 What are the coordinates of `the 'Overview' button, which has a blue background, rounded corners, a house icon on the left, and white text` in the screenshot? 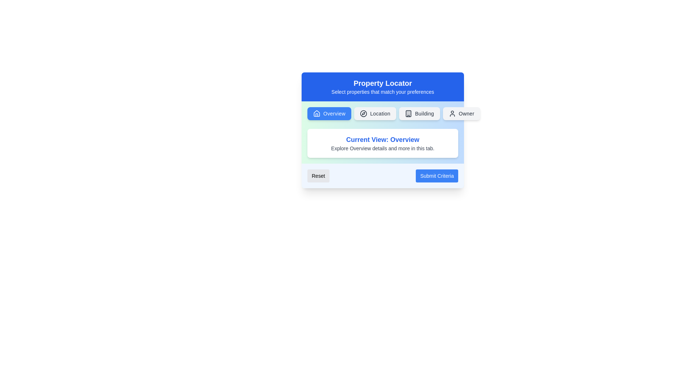 It's located at (329, 113).